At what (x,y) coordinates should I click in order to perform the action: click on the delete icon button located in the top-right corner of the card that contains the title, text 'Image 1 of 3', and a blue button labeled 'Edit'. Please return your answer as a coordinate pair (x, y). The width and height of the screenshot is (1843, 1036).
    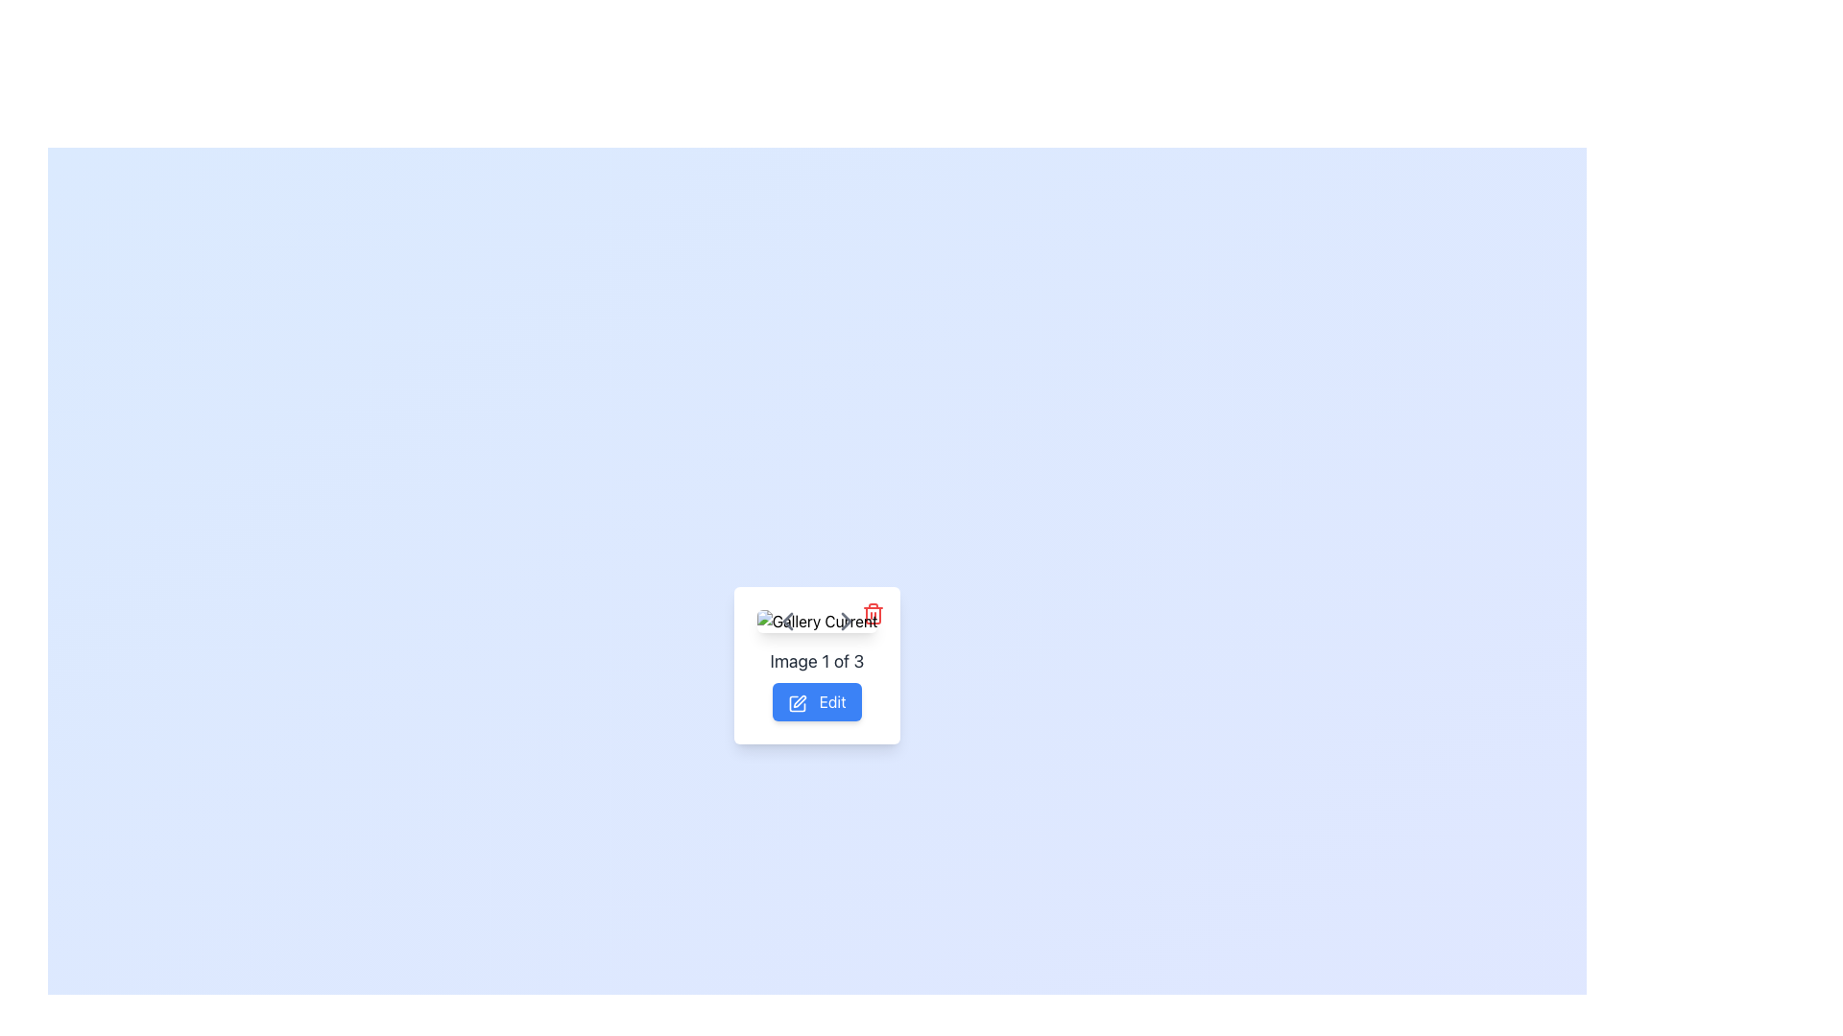
    Looking at the image, I should click on (873, 614).